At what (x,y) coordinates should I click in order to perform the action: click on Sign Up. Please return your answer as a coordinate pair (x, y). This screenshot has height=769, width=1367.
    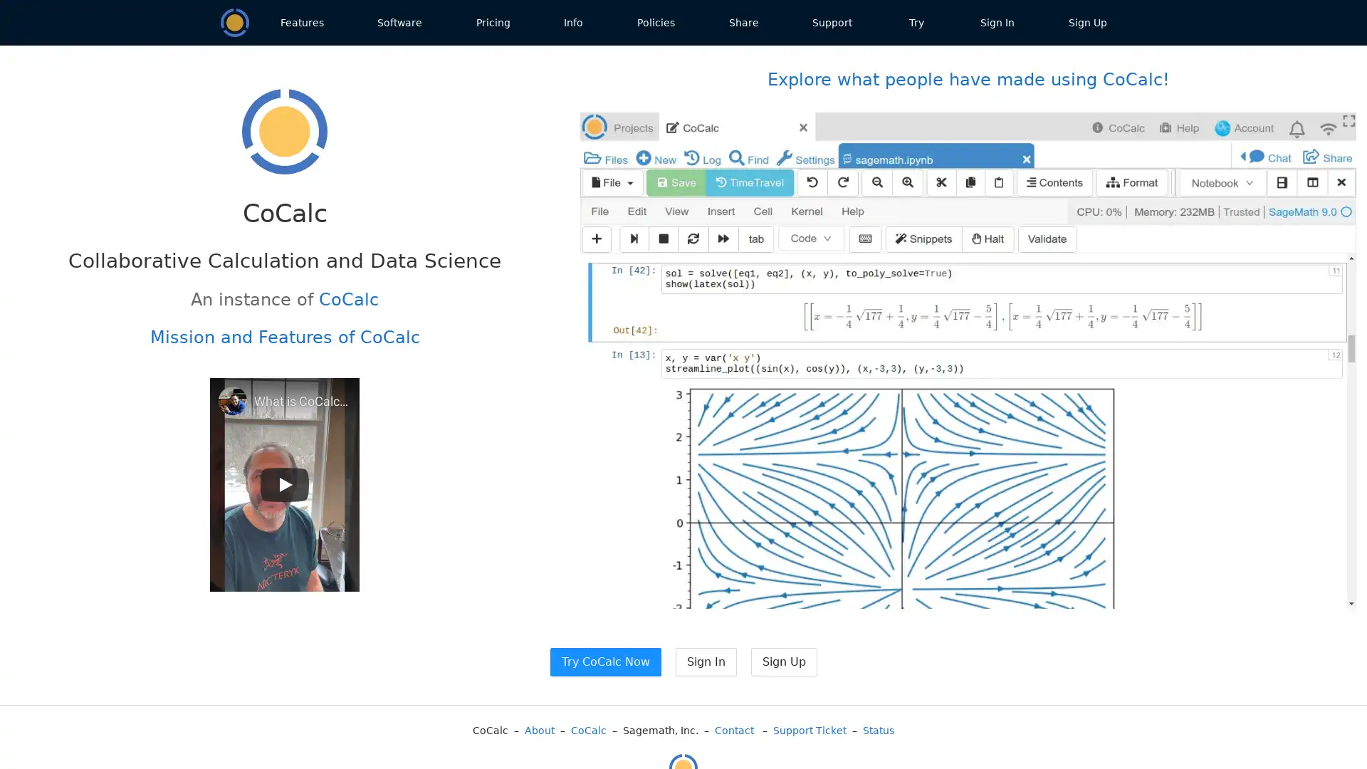
    Looking at the image, I should click on (782, 661).